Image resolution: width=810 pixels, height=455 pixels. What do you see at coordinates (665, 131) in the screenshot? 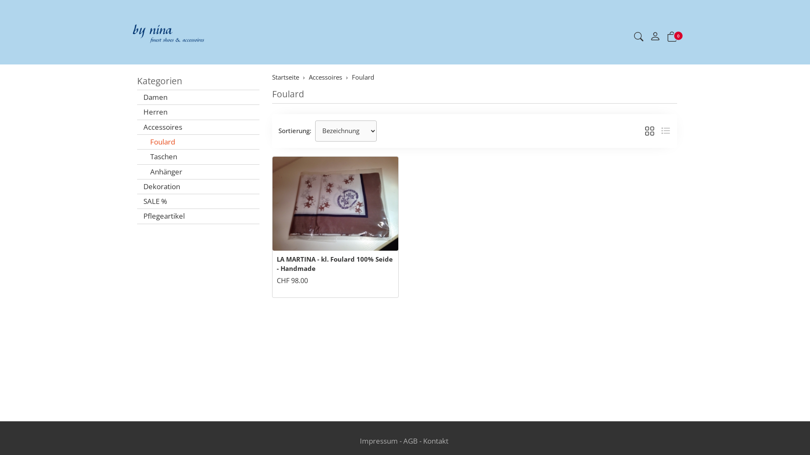
I see `'Listenansicht'` at bounding box center [665, 131].